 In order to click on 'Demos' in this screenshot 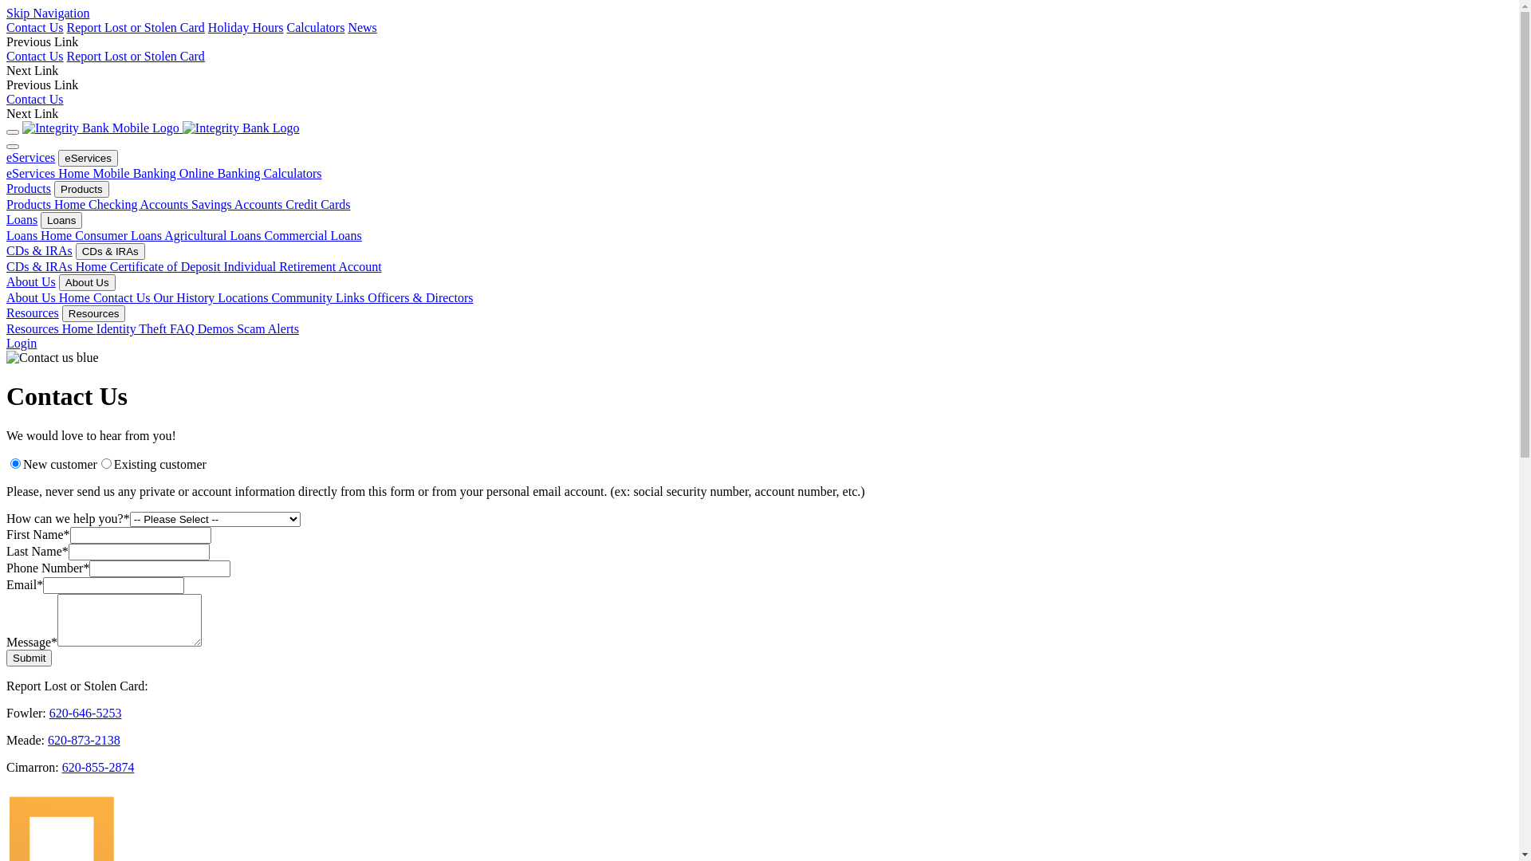, I will do `click(197, 328)`.